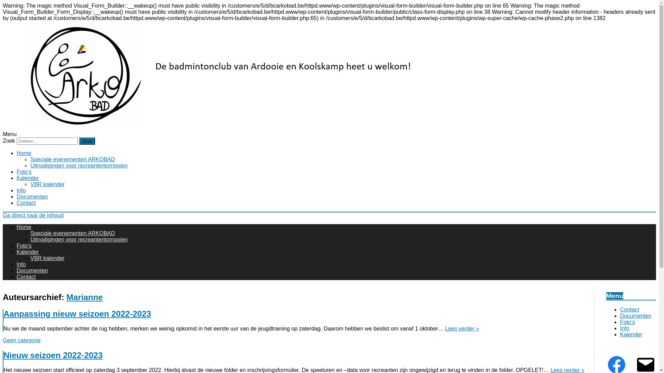  What do you see at coordinates (30, 165) in the screenshot?
I see `'Uitnodigingen voor recreantentornooien'` at bounding box center [30, 165].